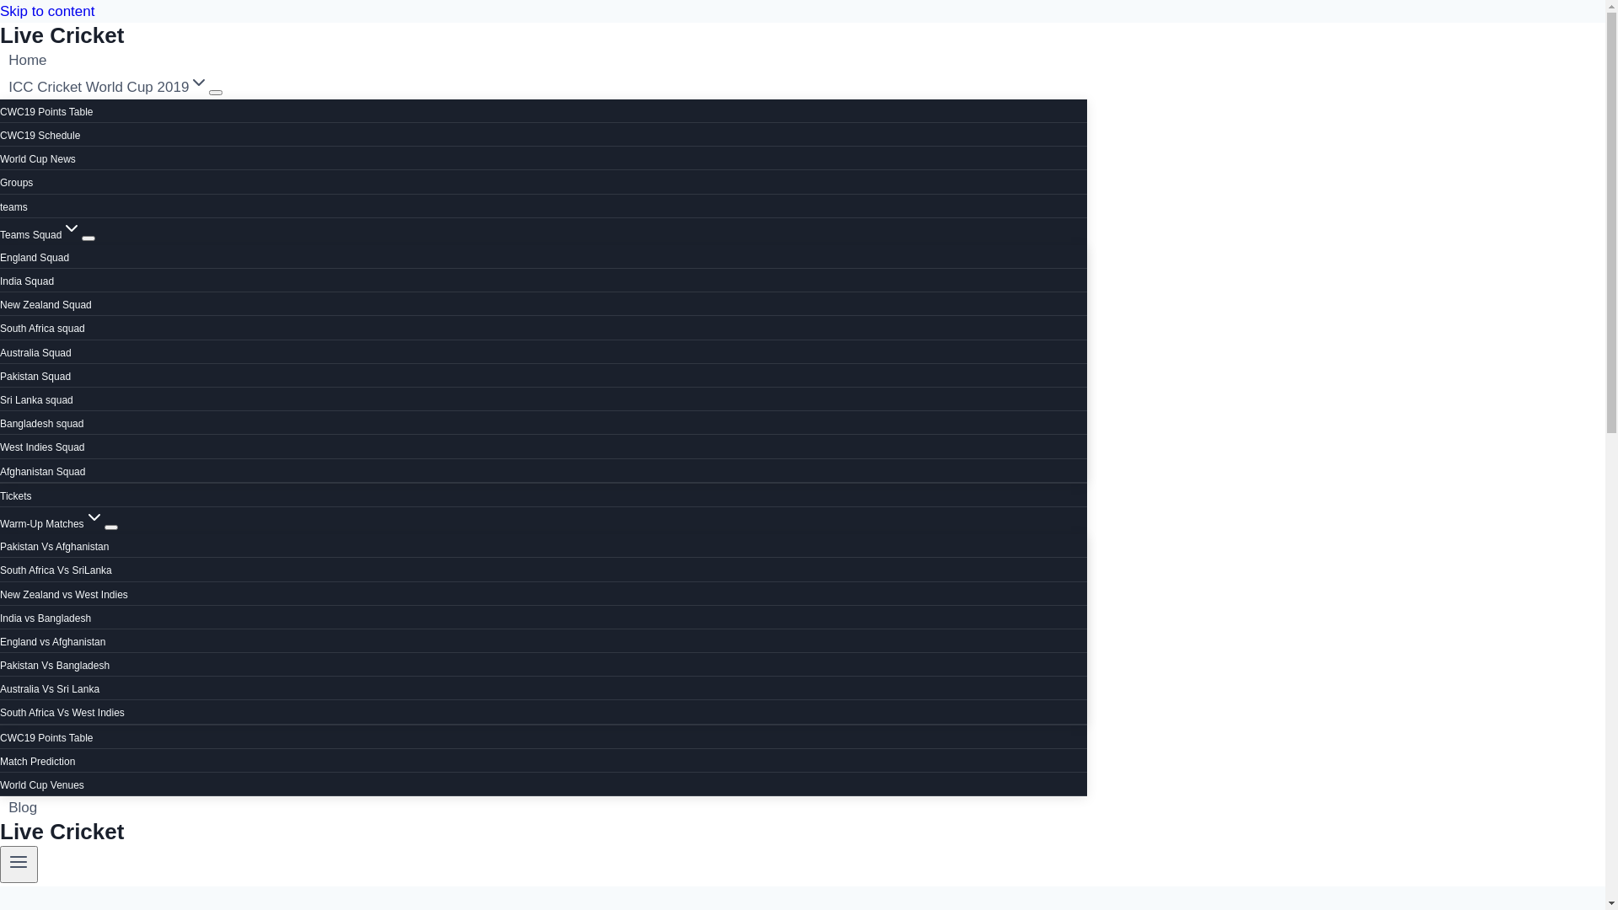 The height and width of the screenshot is (910, 1618). I want to click on 'Pakistan Vs Afghanistan', so click(54, 546).